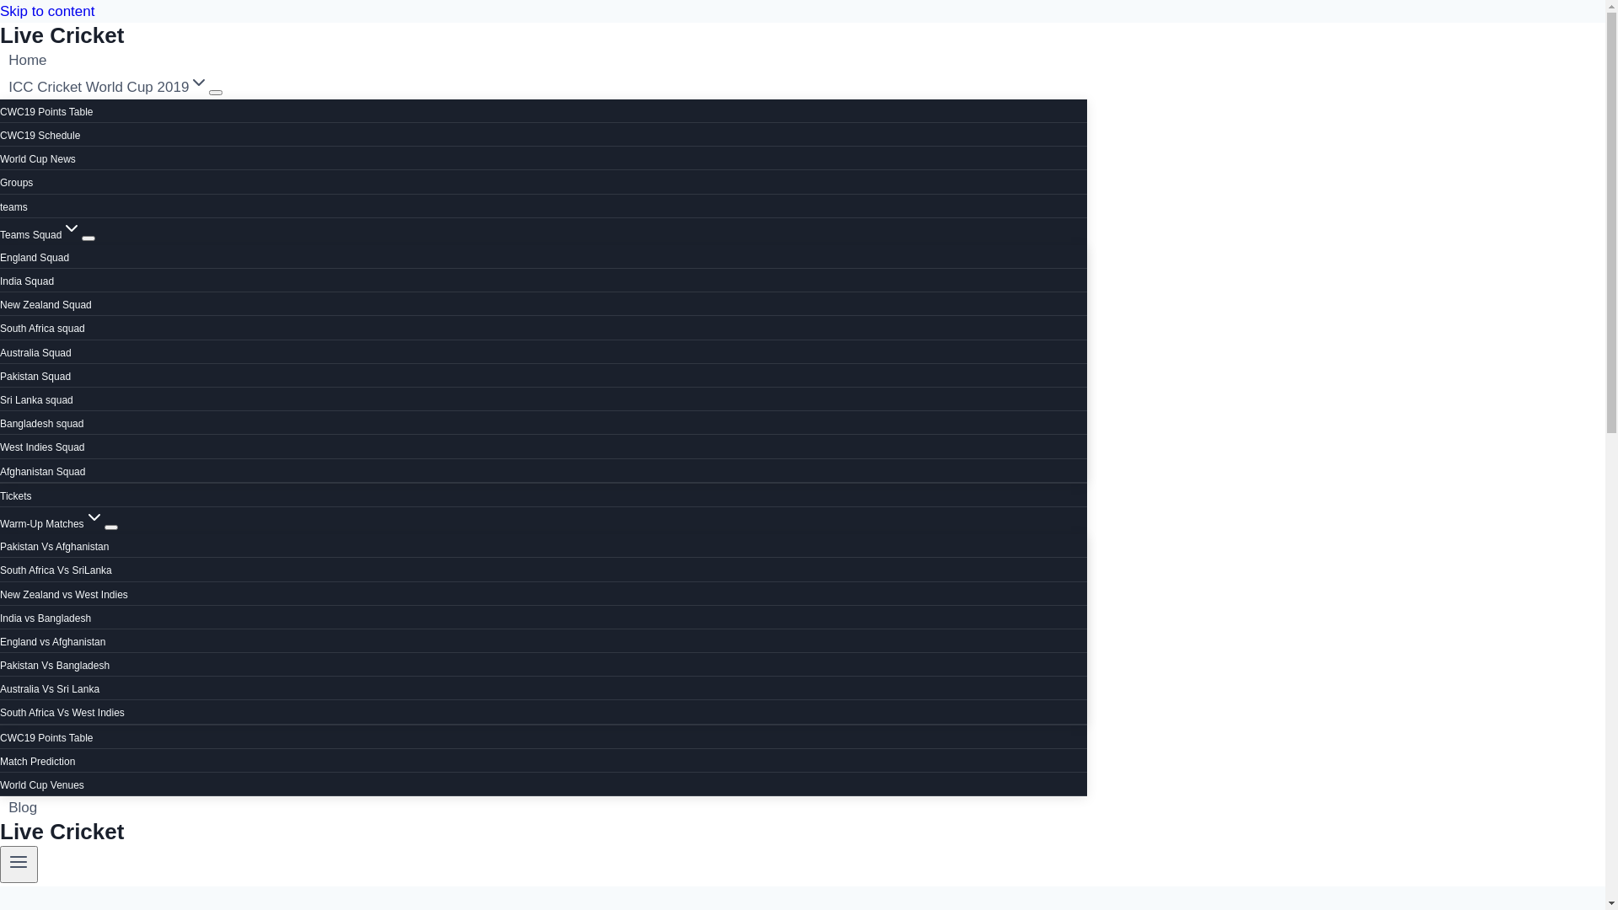 The height and width of the screenshot is (910, 1618). I want to click on 'Pakistan Vs Afghanistan', so click(54, 546).